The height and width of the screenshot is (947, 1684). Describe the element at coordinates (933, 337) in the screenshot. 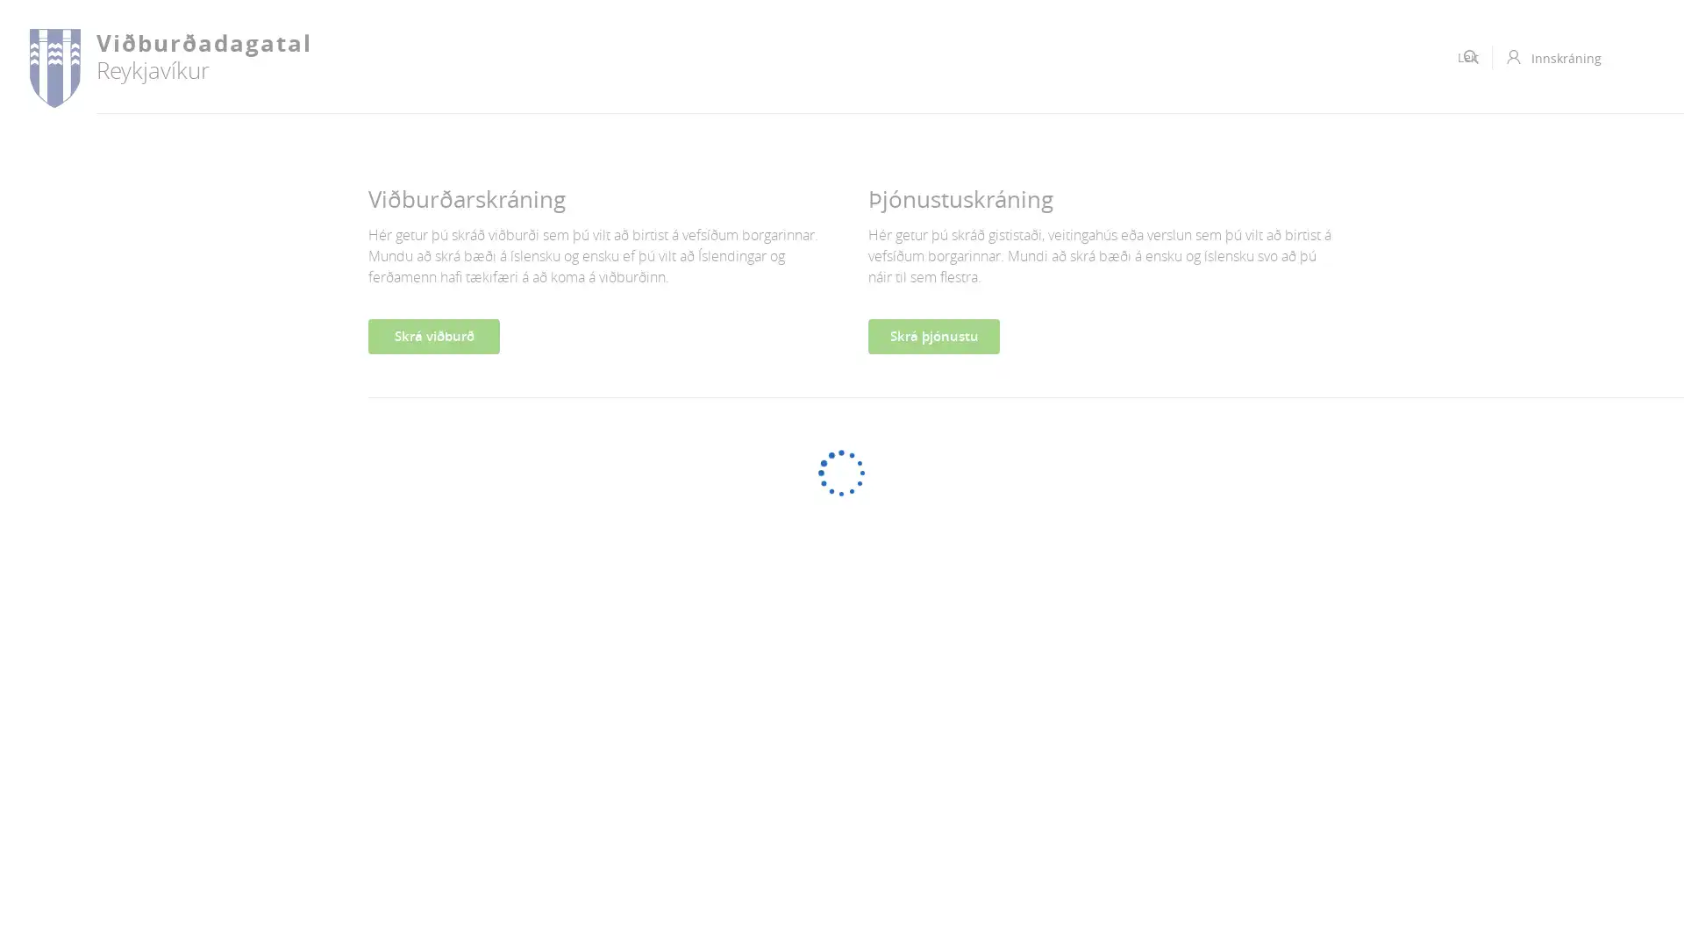

I see `Skra jonustu` at that location.